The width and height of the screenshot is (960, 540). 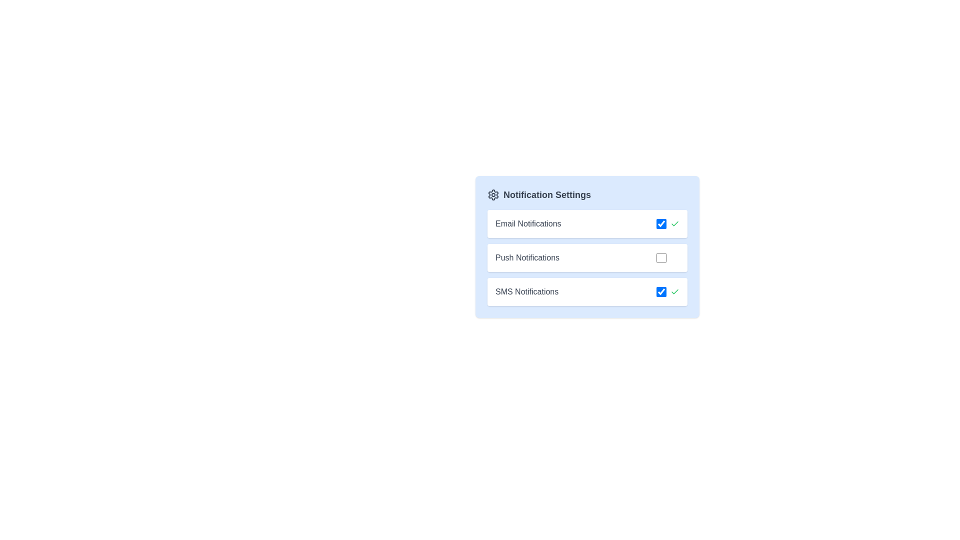 I want to click on the green checkmark icon located next to the 'SMS Notifications' checkbox in the notification settings section, so click(x=674, y=291).